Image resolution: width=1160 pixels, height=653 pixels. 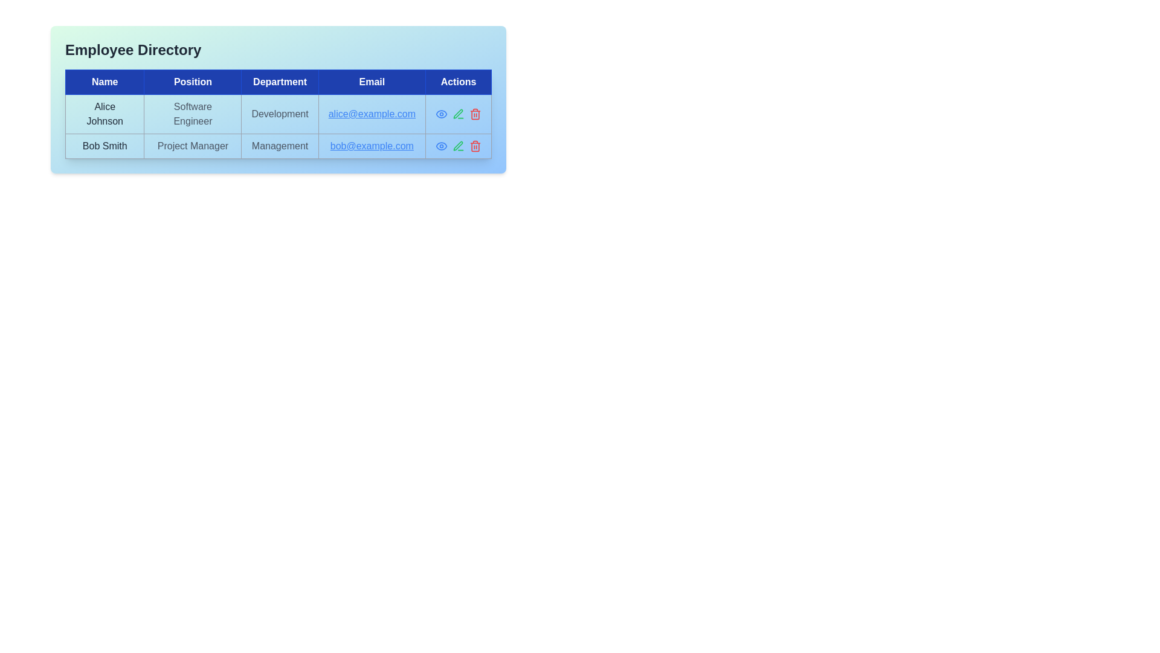 What do you see at coordinates (371, 114) in the screenshot?
I see `the text element displaying the email address of user 'Alice Johnson', which is styled as a hyperlink and located in the fourth cell of the first row under the 'Email' column` at bounding box center [371, 114].